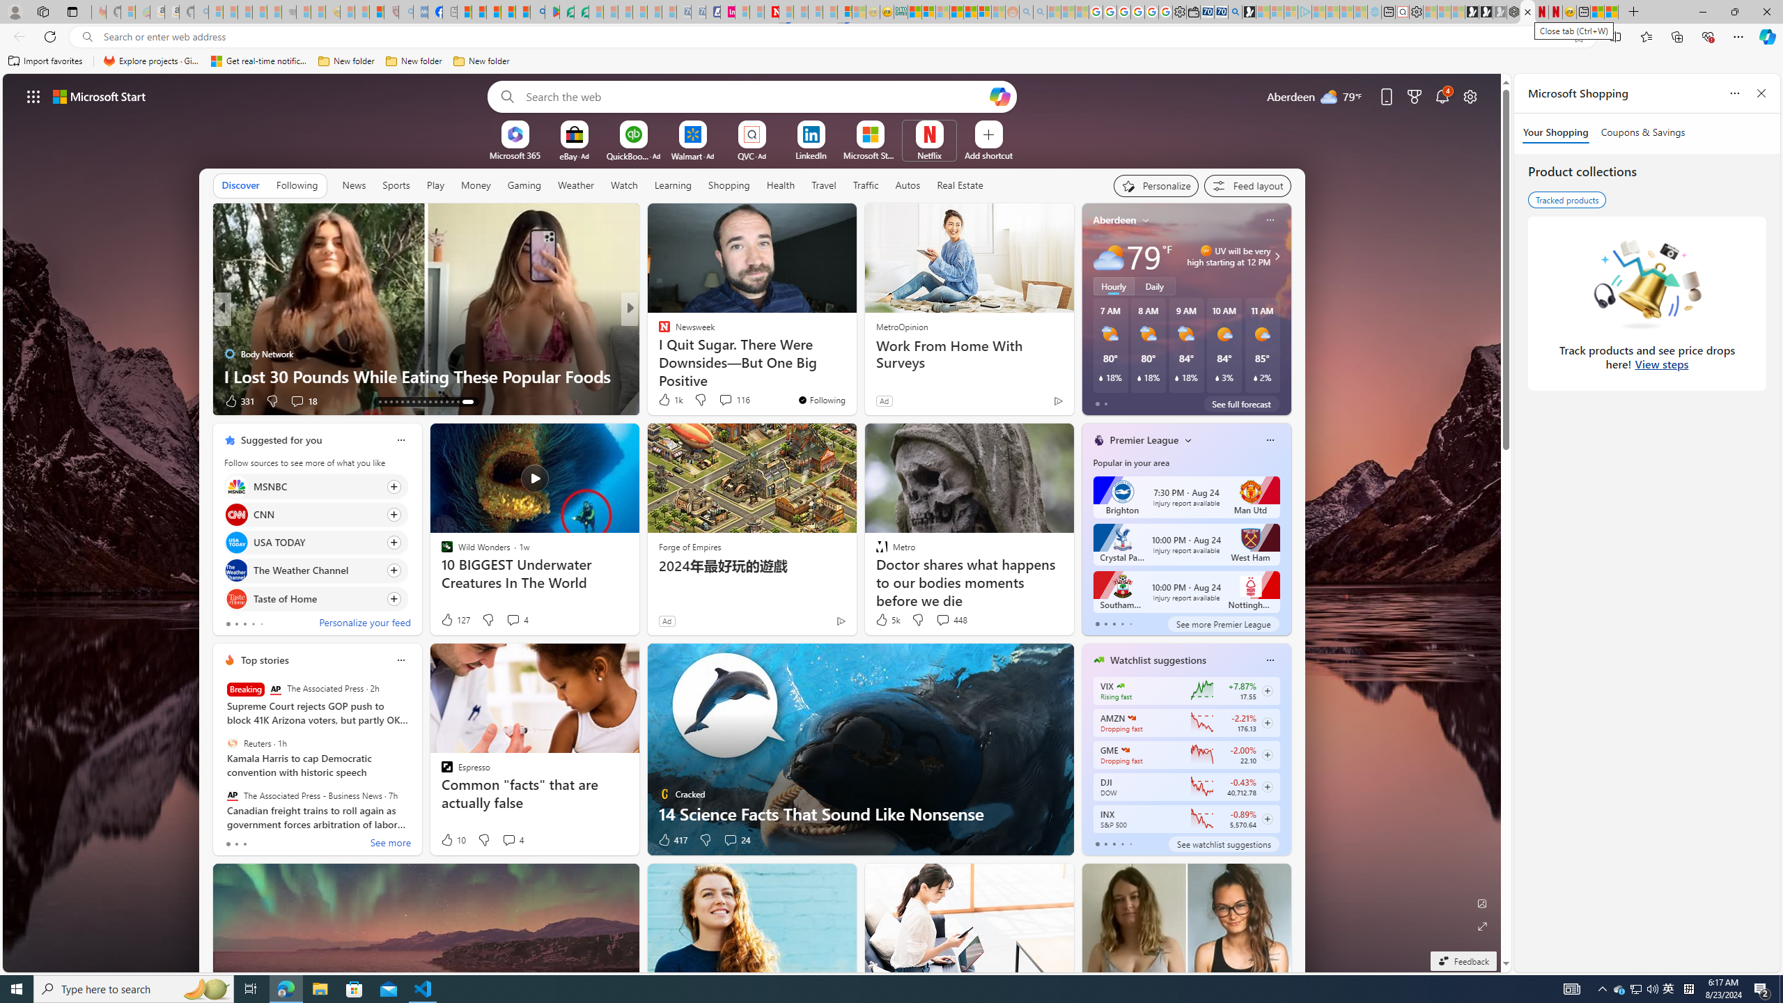  I want to click on 'next', so click(1283, 309).